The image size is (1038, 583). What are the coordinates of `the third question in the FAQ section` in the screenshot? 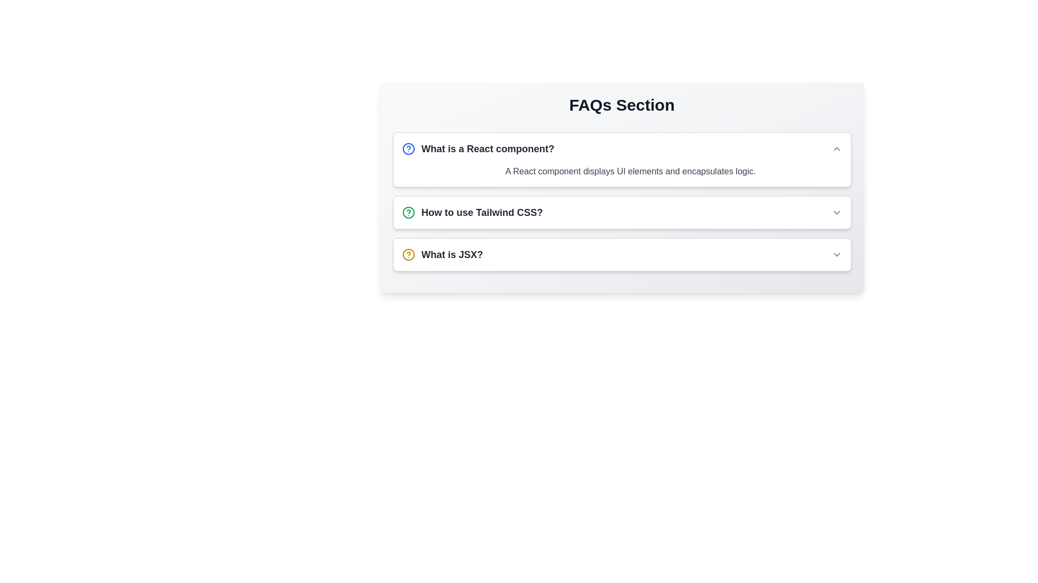 It's located at (442, 254).